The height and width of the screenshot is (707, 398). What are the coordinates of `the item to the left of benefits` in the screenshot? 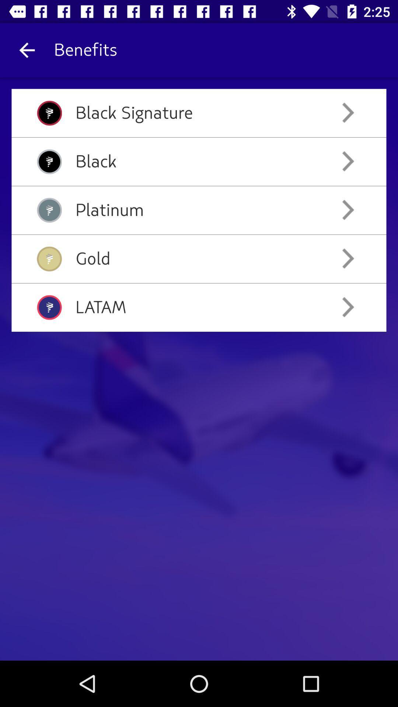 It's located at (27, 50).